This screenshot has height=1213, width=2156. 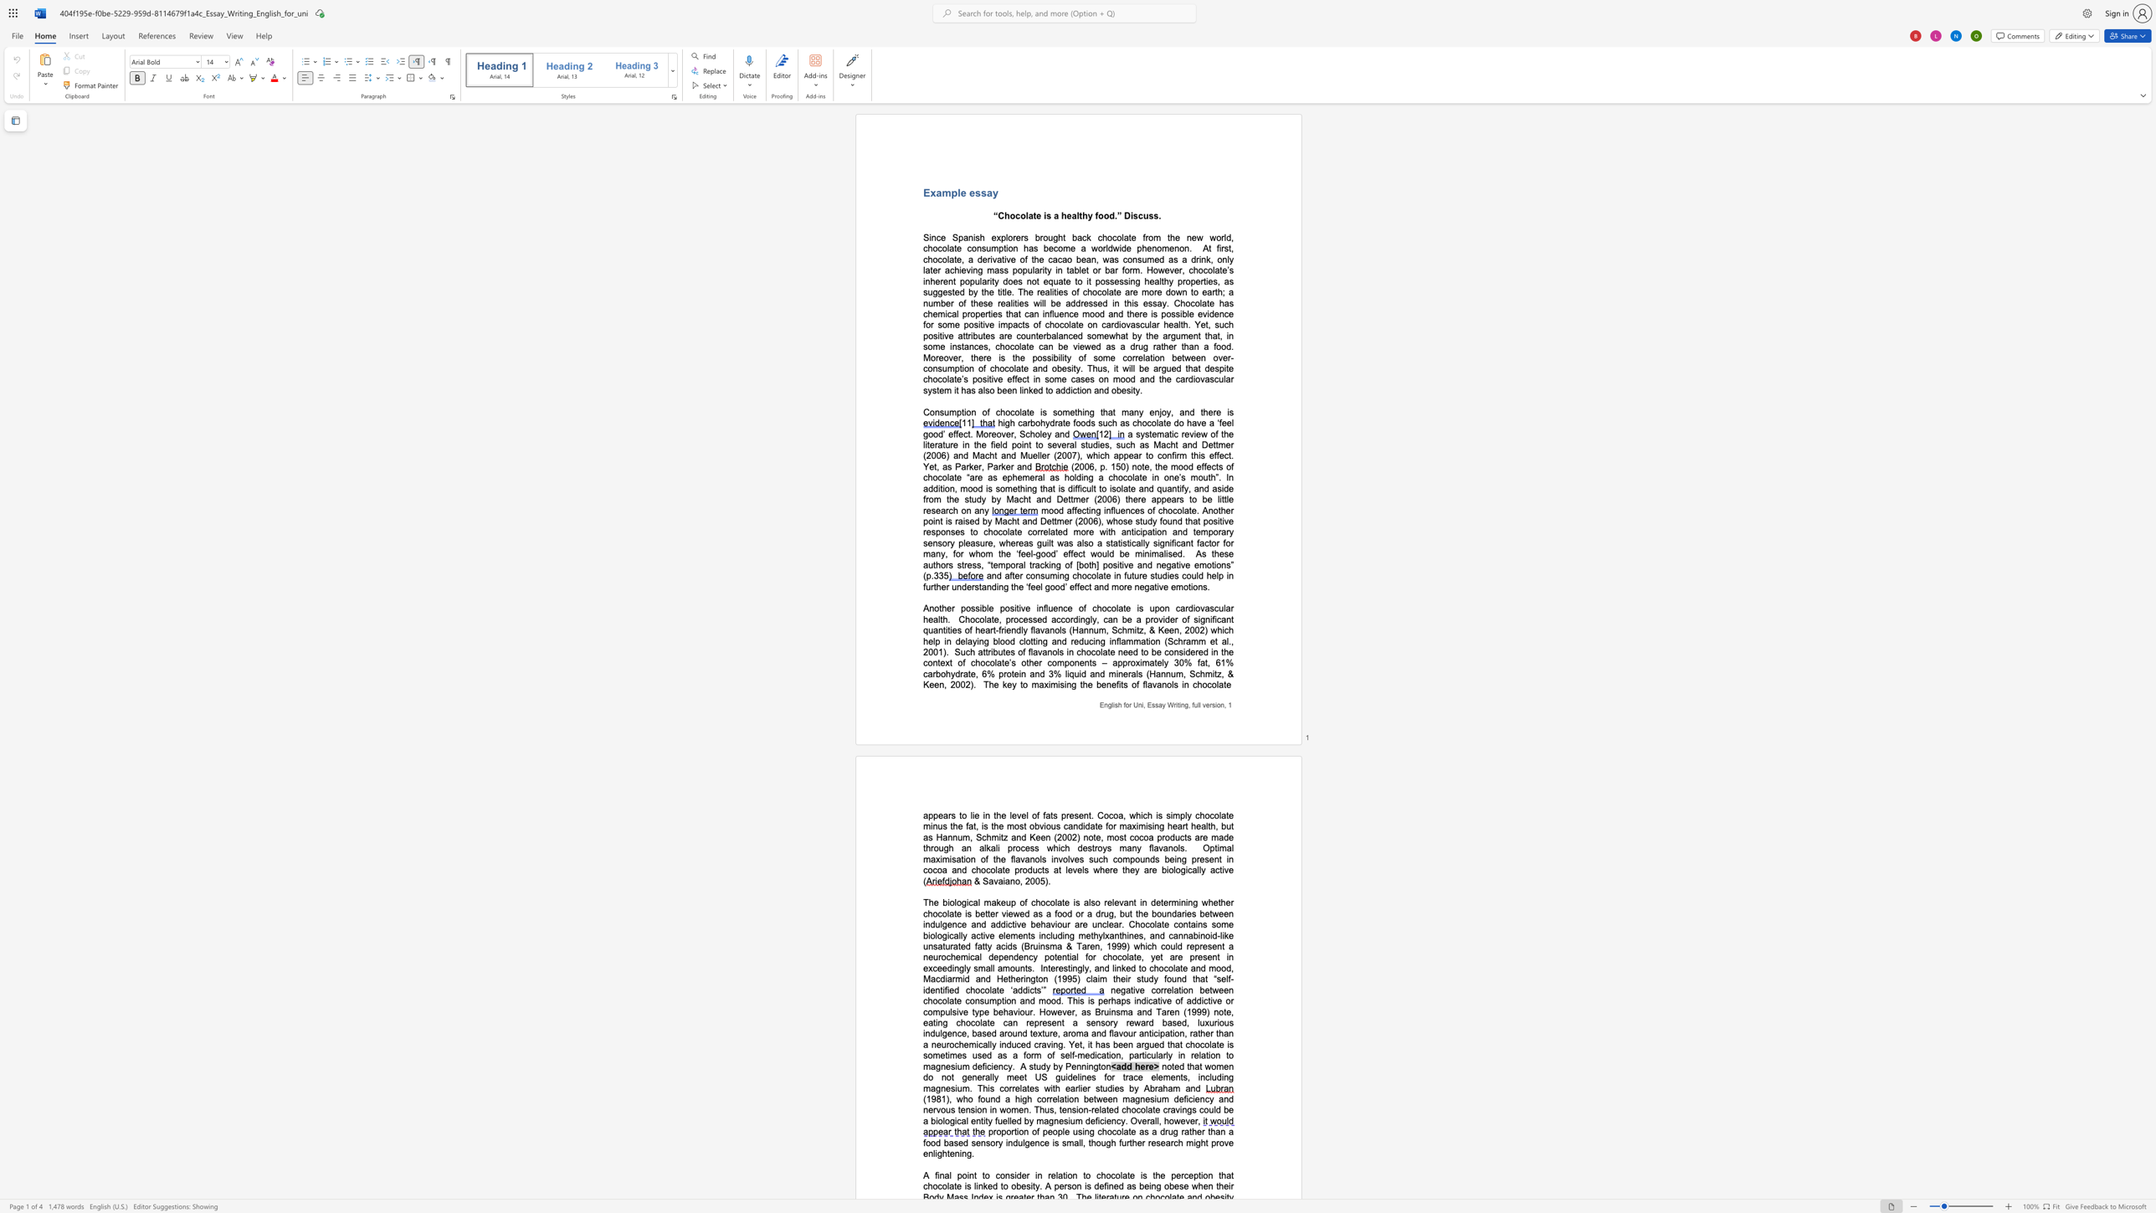 What do you see at coordinates (987, 324) in the screenshot?
I see `the 1th character "v" in the text` at bounding box center [987, 324].